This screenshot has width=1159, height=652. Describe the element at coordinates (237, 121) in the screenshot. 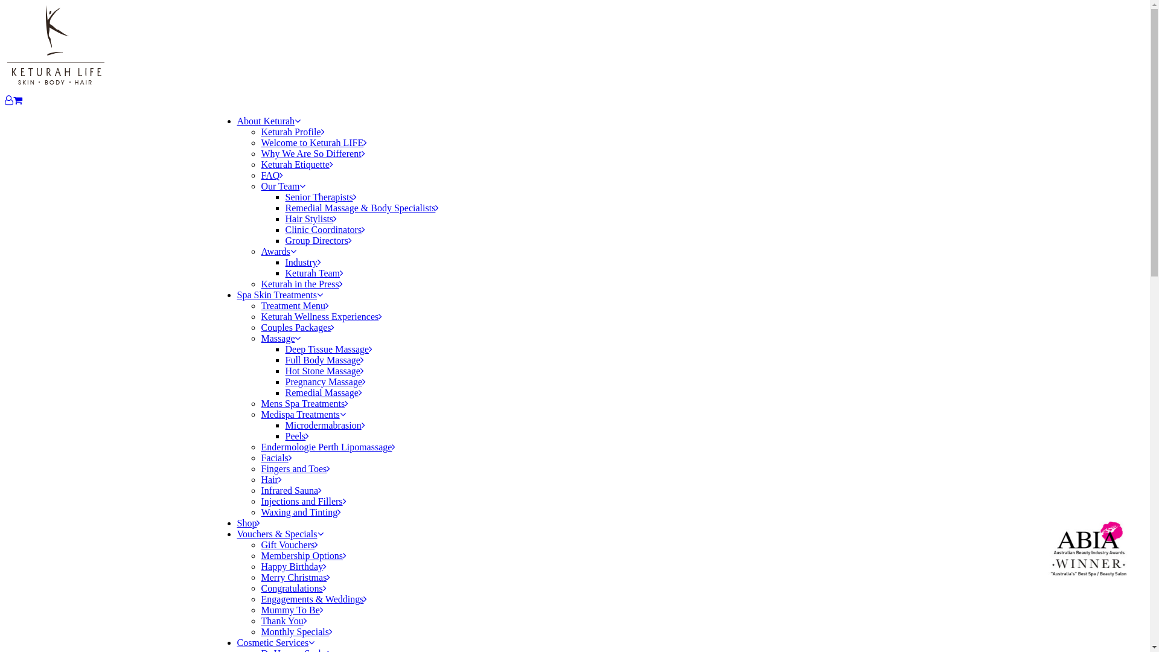

I see `'About Keturah'` at that location.